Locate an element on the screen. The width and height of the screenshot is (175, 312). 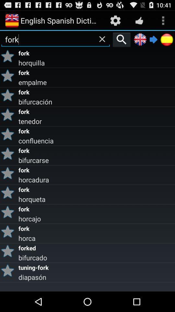
the close icon is located at coordinates (102, 41).